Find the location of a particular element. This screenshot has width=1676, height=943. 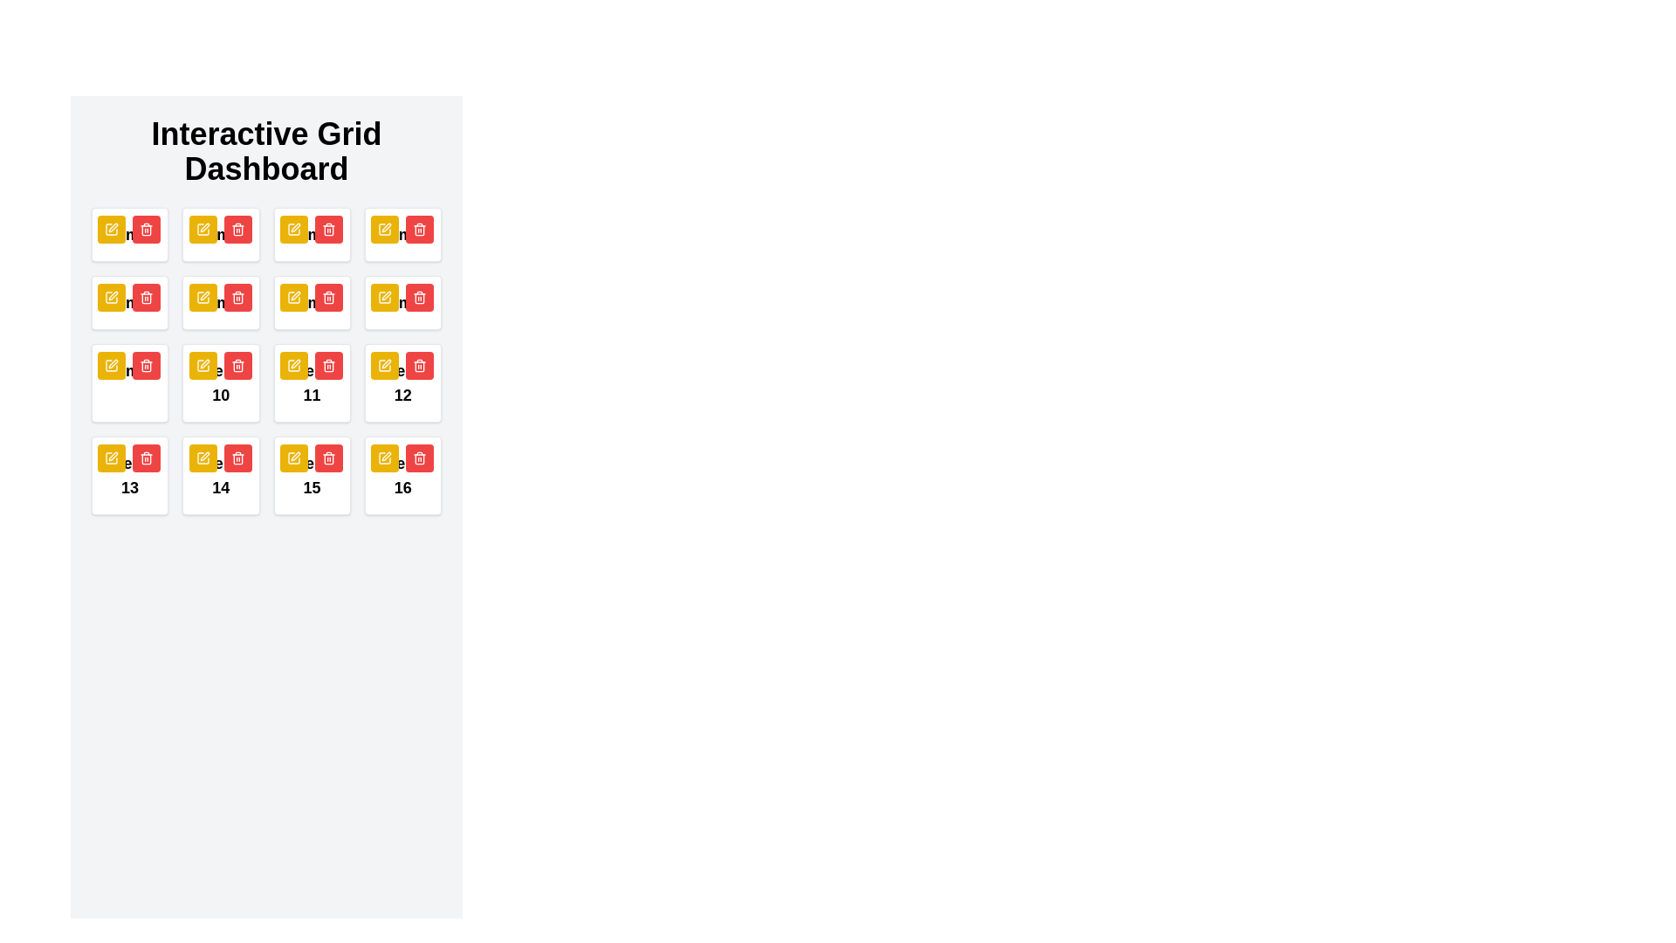

the edit icon located in the yellow background section of the button group at the bottom-left corner of the grid under item 13 is located at coordinates (111, 457).